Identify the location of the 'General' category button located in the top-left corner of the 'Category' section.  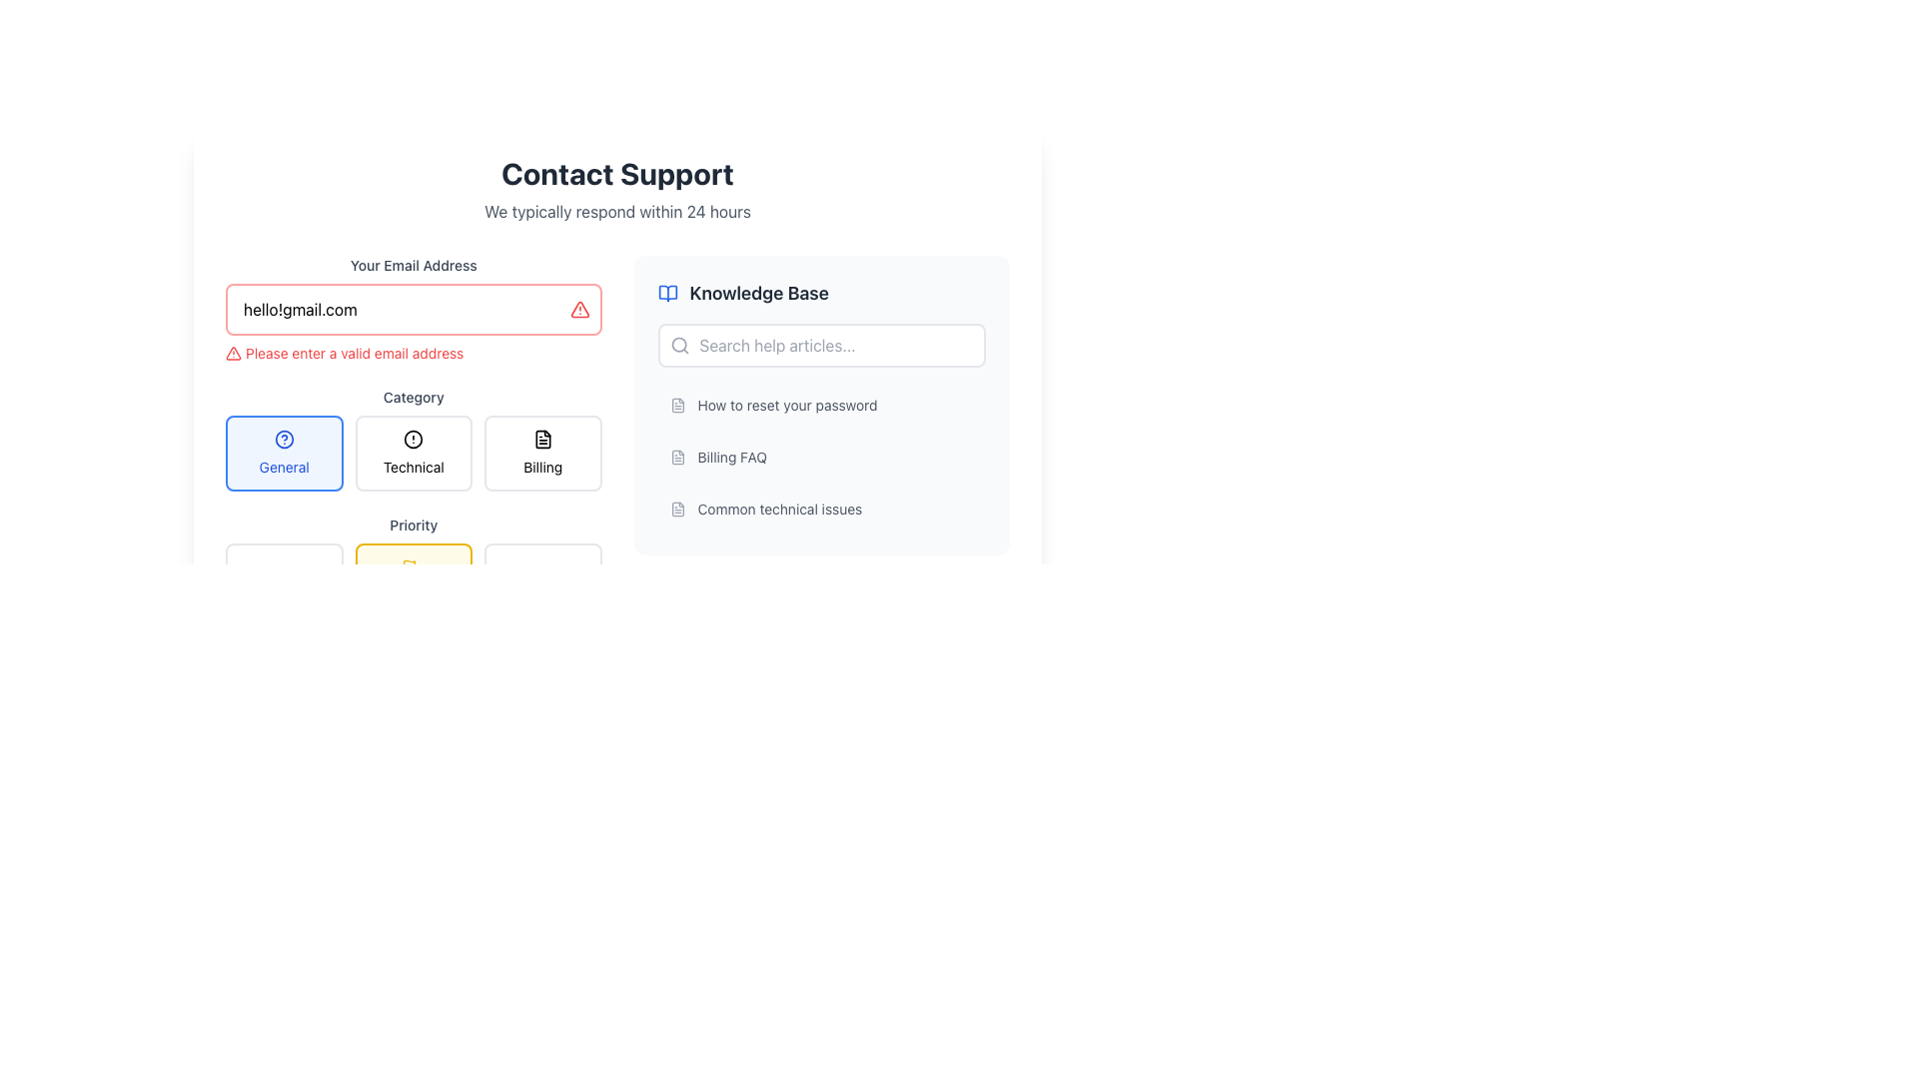
(283, 454).